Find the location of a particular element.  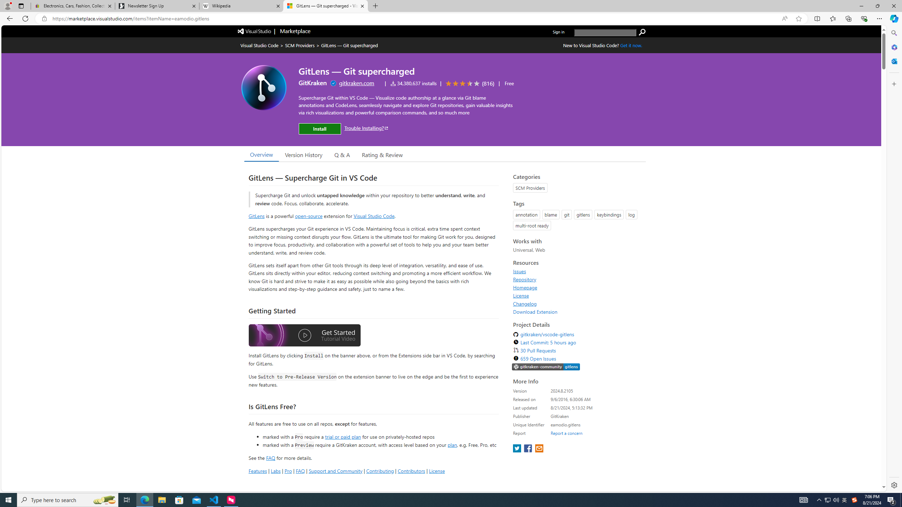

'Pro' is located at coordinates (288, 470).